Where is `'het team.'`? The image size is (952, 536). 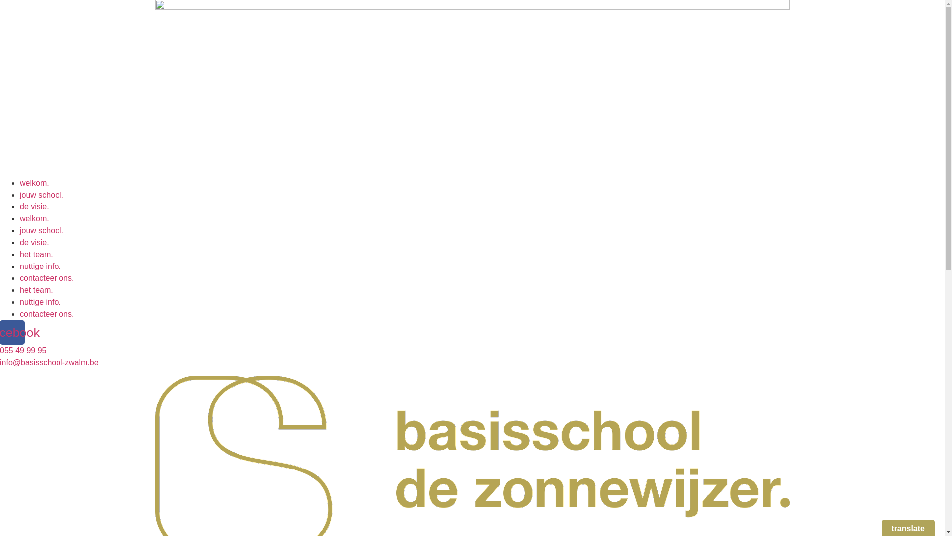 'het team.' is located at coordinates (19, 290).